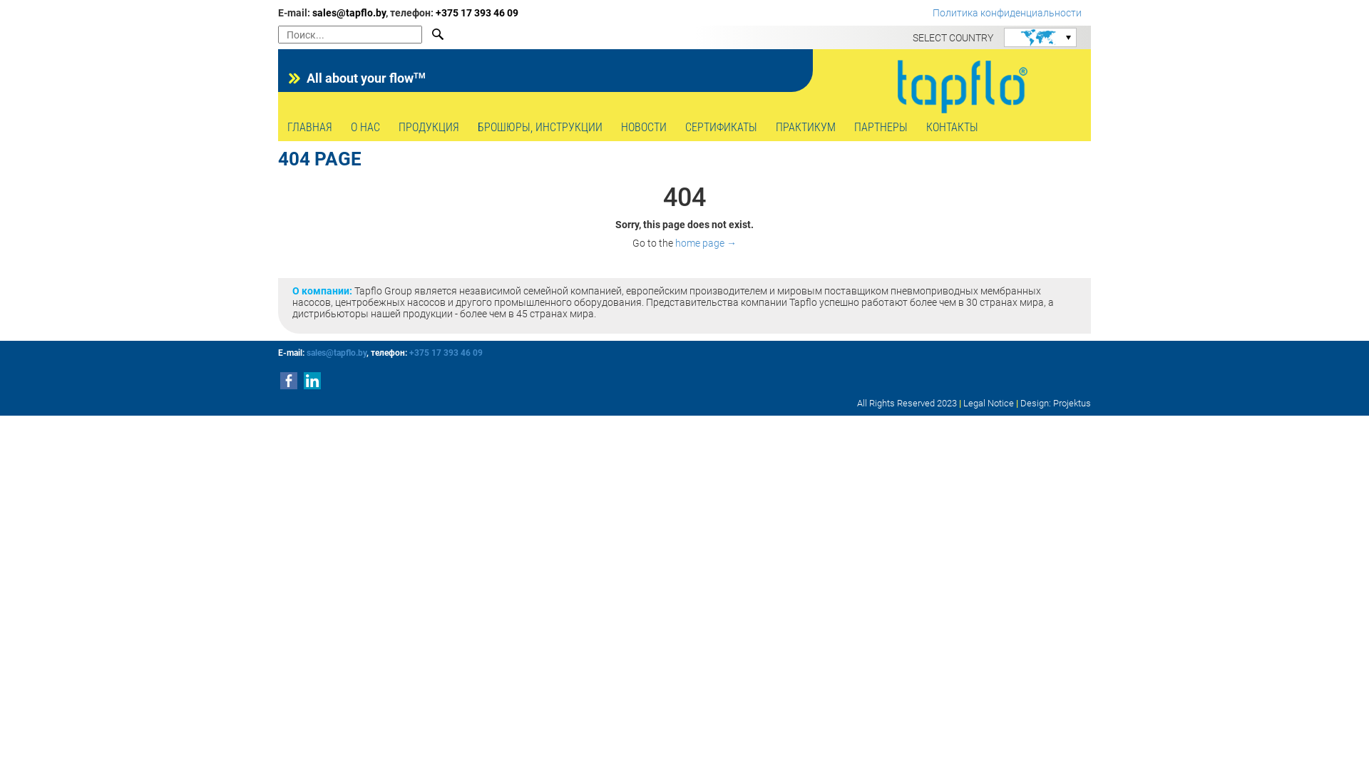  Describe the element at coordinates (1072, 403) in the screenshot. I see `'Projektus'` at that location.